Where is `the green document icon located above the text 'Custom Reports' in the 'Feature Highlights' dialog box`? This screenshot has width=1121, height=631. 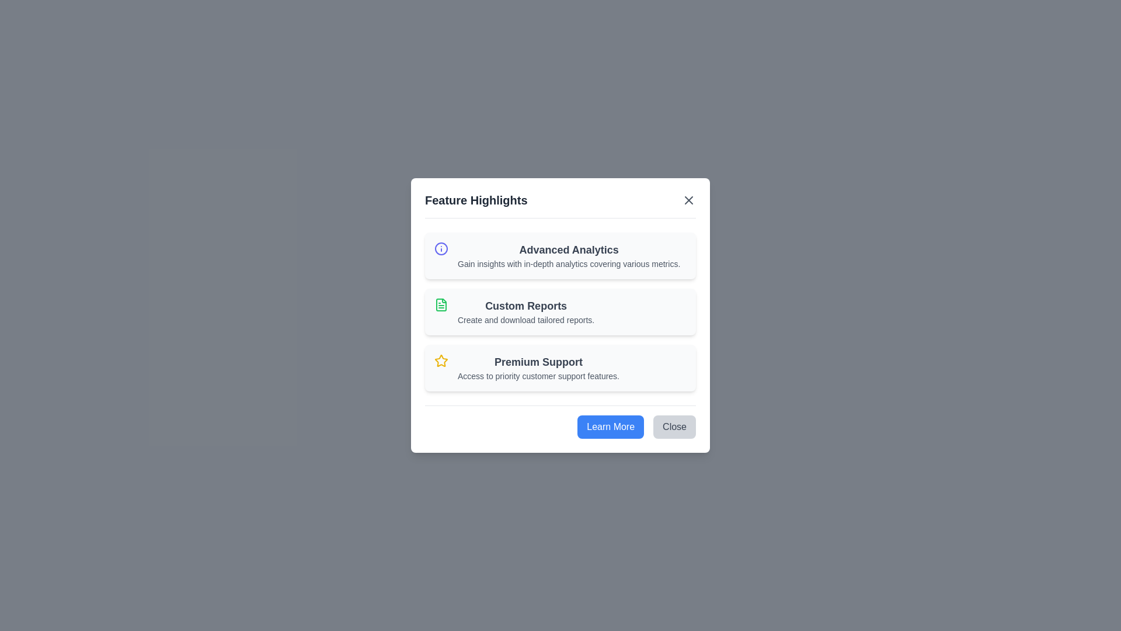
the green document icon located above the text 'Custom Reports' in the 'Feature Highlights' dialog box is located at coordinates (440, 304).